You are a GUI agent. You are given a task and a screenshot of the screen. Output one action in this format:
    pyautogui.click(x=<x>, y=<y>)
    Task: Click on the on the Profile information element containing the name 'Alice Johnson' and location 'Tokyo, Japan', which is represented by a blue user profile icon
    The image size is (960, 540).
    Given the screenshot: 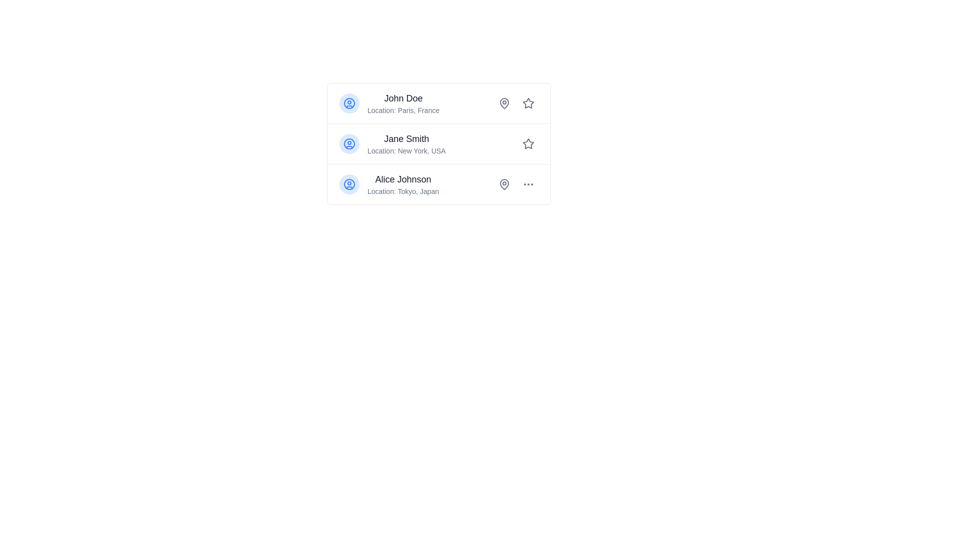 What is the action you would take?
    pyautogui.click(x=388, y=184)
    